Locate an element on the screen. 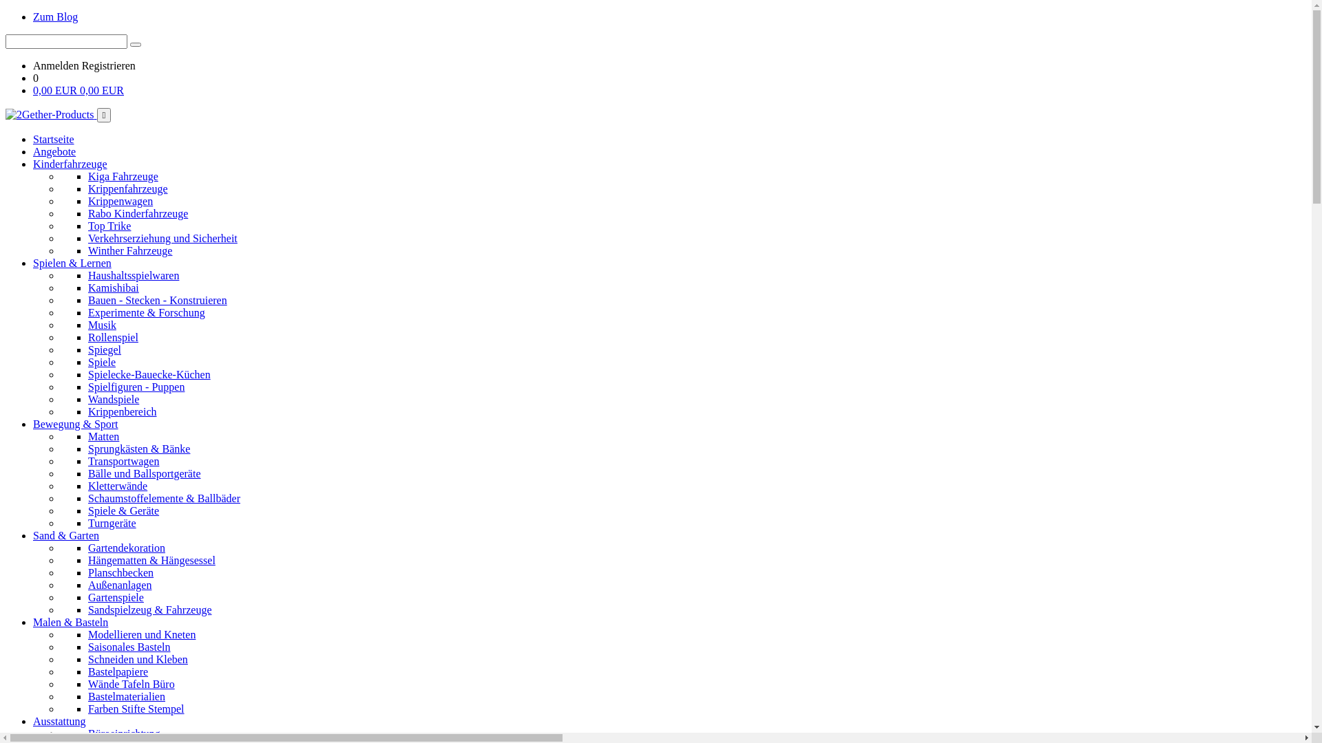 The height and width of the screenshot is (743, 1322). 'Gartenspiele' is located at coordinates (116, 596).